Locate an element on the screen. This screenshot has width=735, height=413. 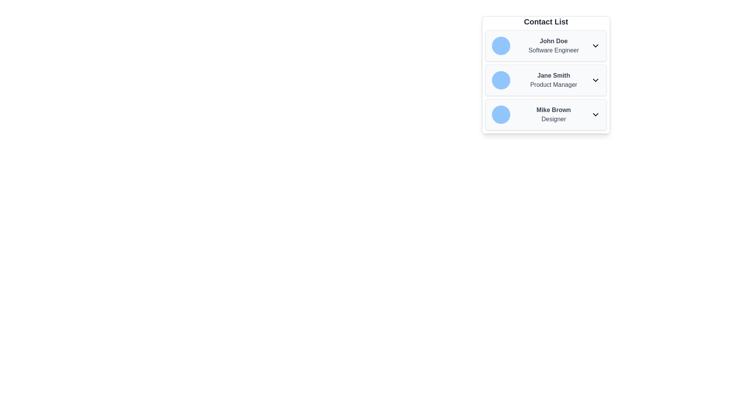
on the third contact entry in the 'Contact List', which displays the name and occupation details of an individual is located at coordinates (546, 115).